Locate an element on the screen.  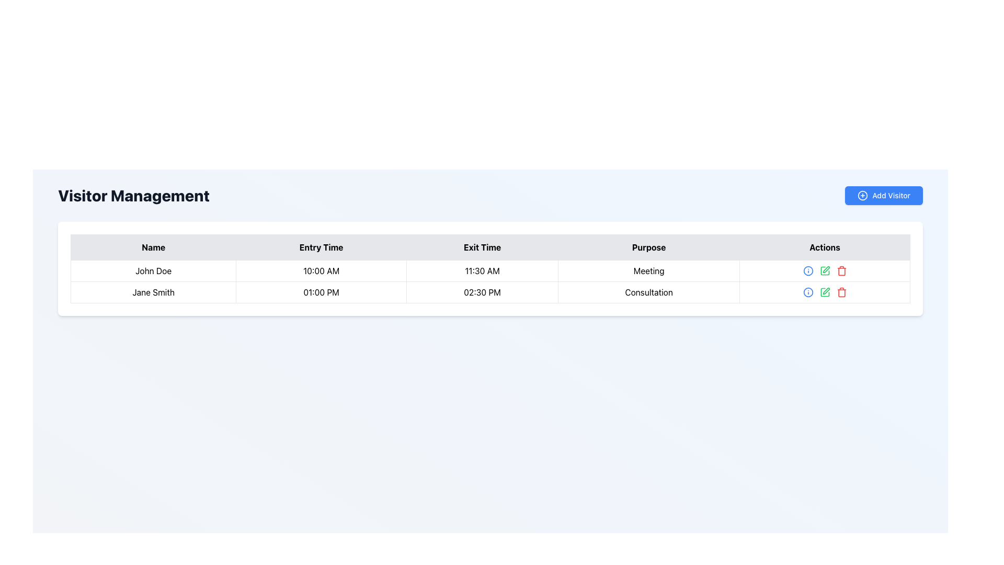
the button located is located at coordinates (824, 270).